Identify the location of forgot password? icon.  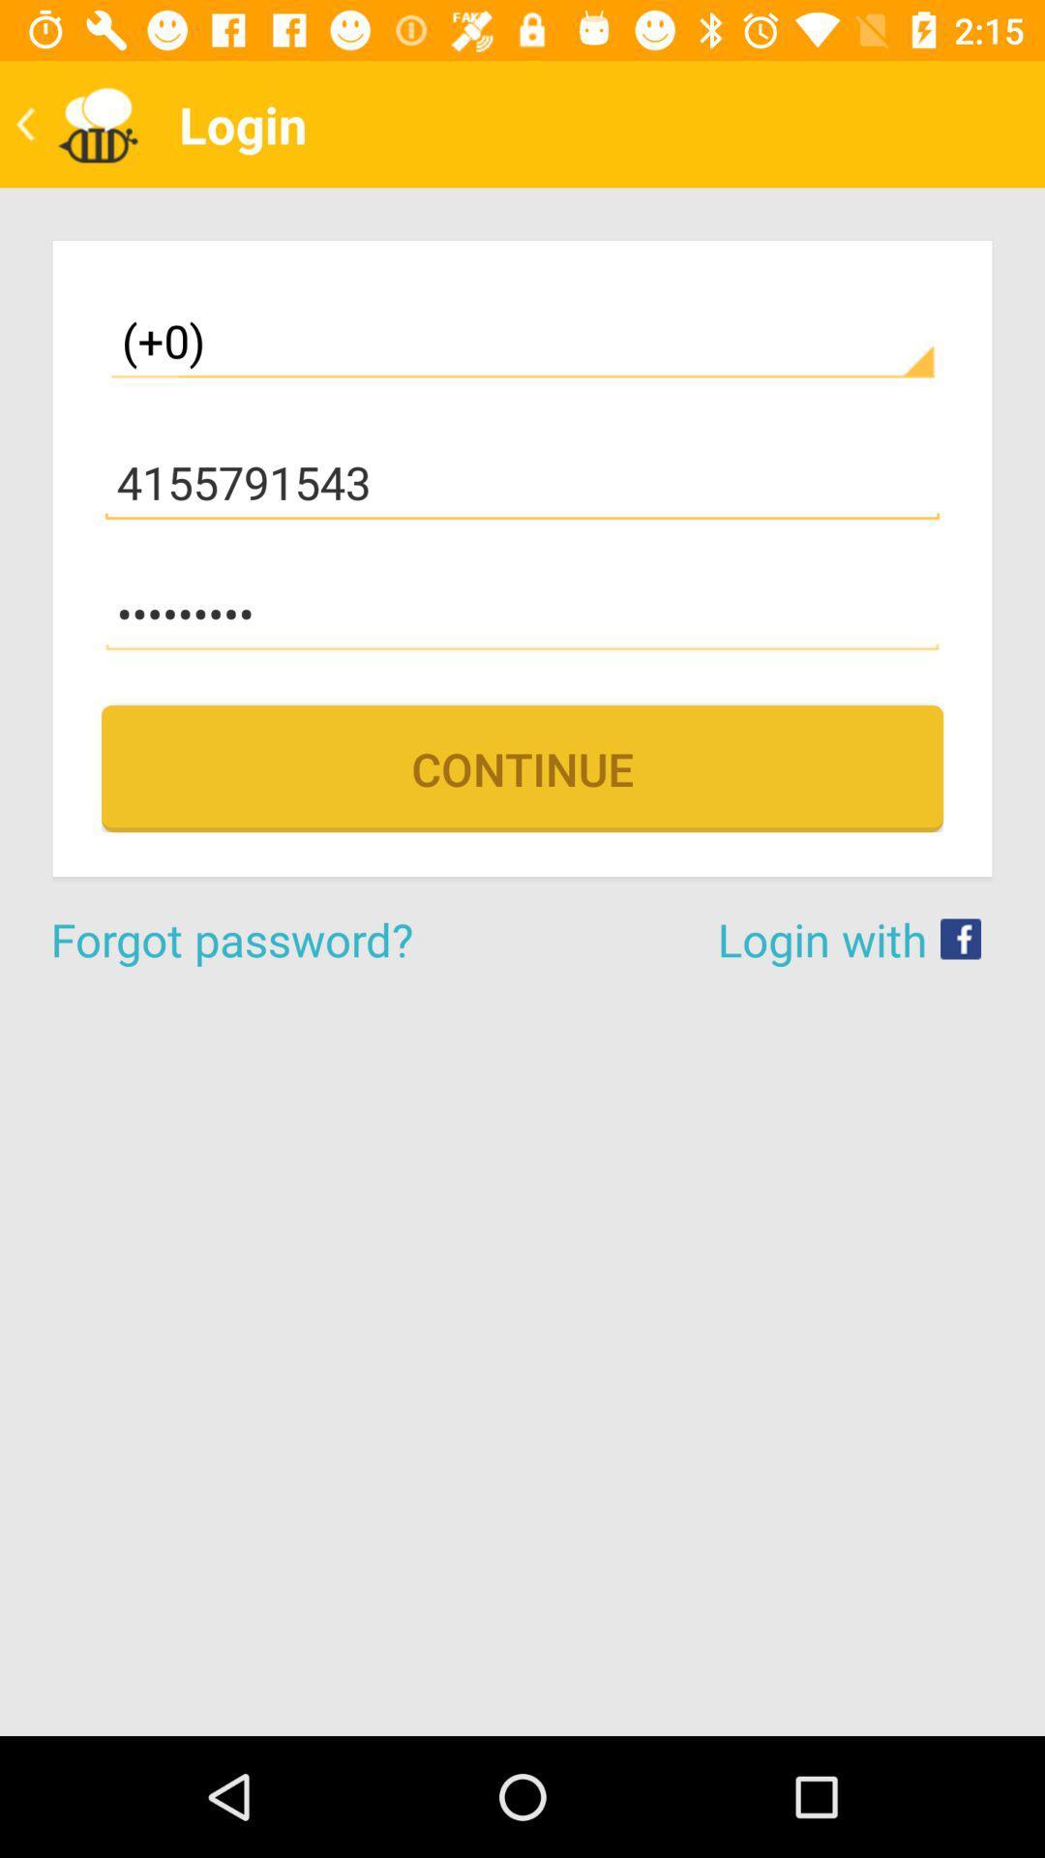
(286, 939).